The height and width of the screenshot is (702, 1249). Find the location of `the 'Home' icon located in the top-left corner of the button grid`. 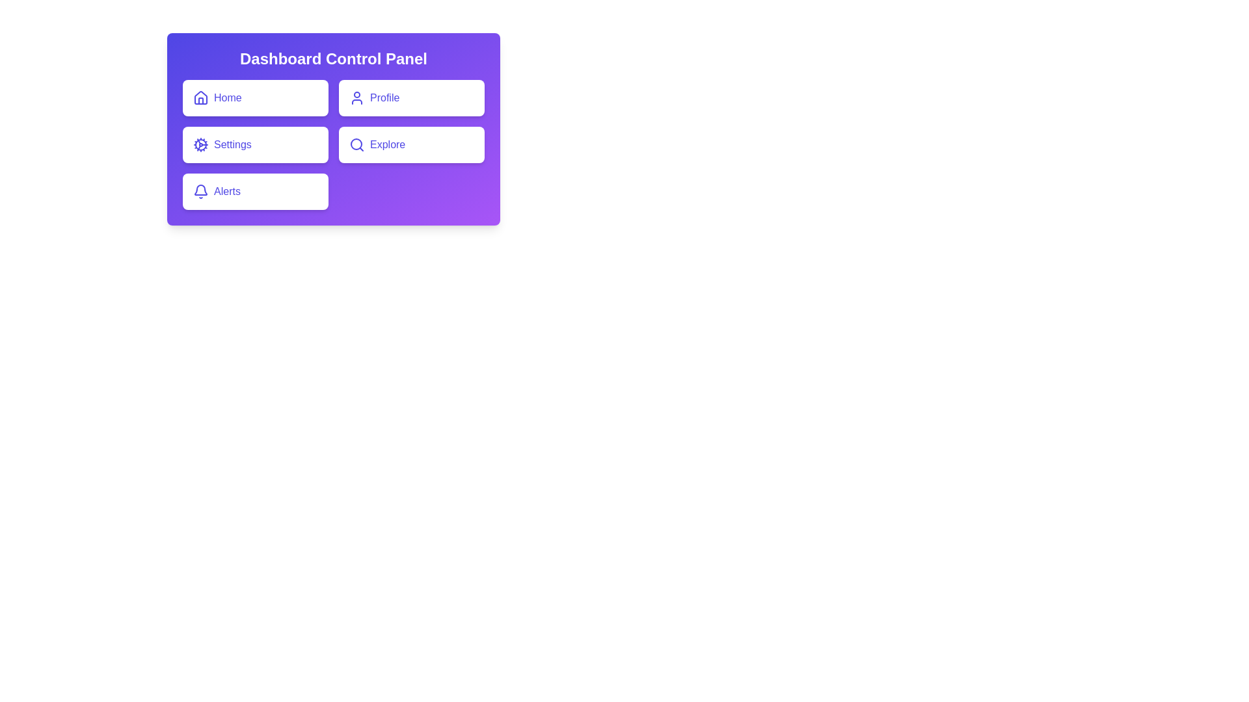

the 'Home' icon located in the top-left corner of the button grid is located at coordinates (200, 97).